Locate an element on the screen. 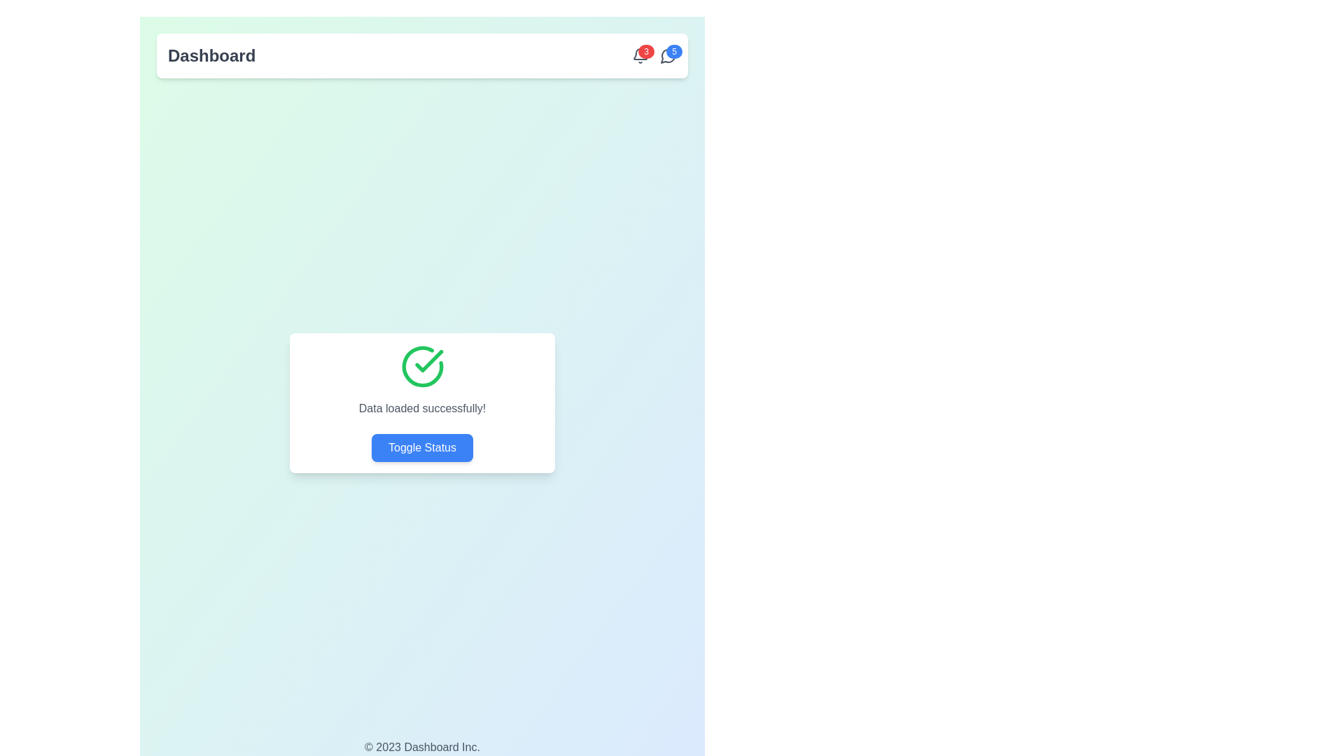 The image size is (1344, 756). the 'Toggle Status' button, which is a rectangular button with rounded corners, styled with a blue background and white text, located at the center of a card that displays 'Data loaded successfully!' above it is located at coordinates (421, 448).